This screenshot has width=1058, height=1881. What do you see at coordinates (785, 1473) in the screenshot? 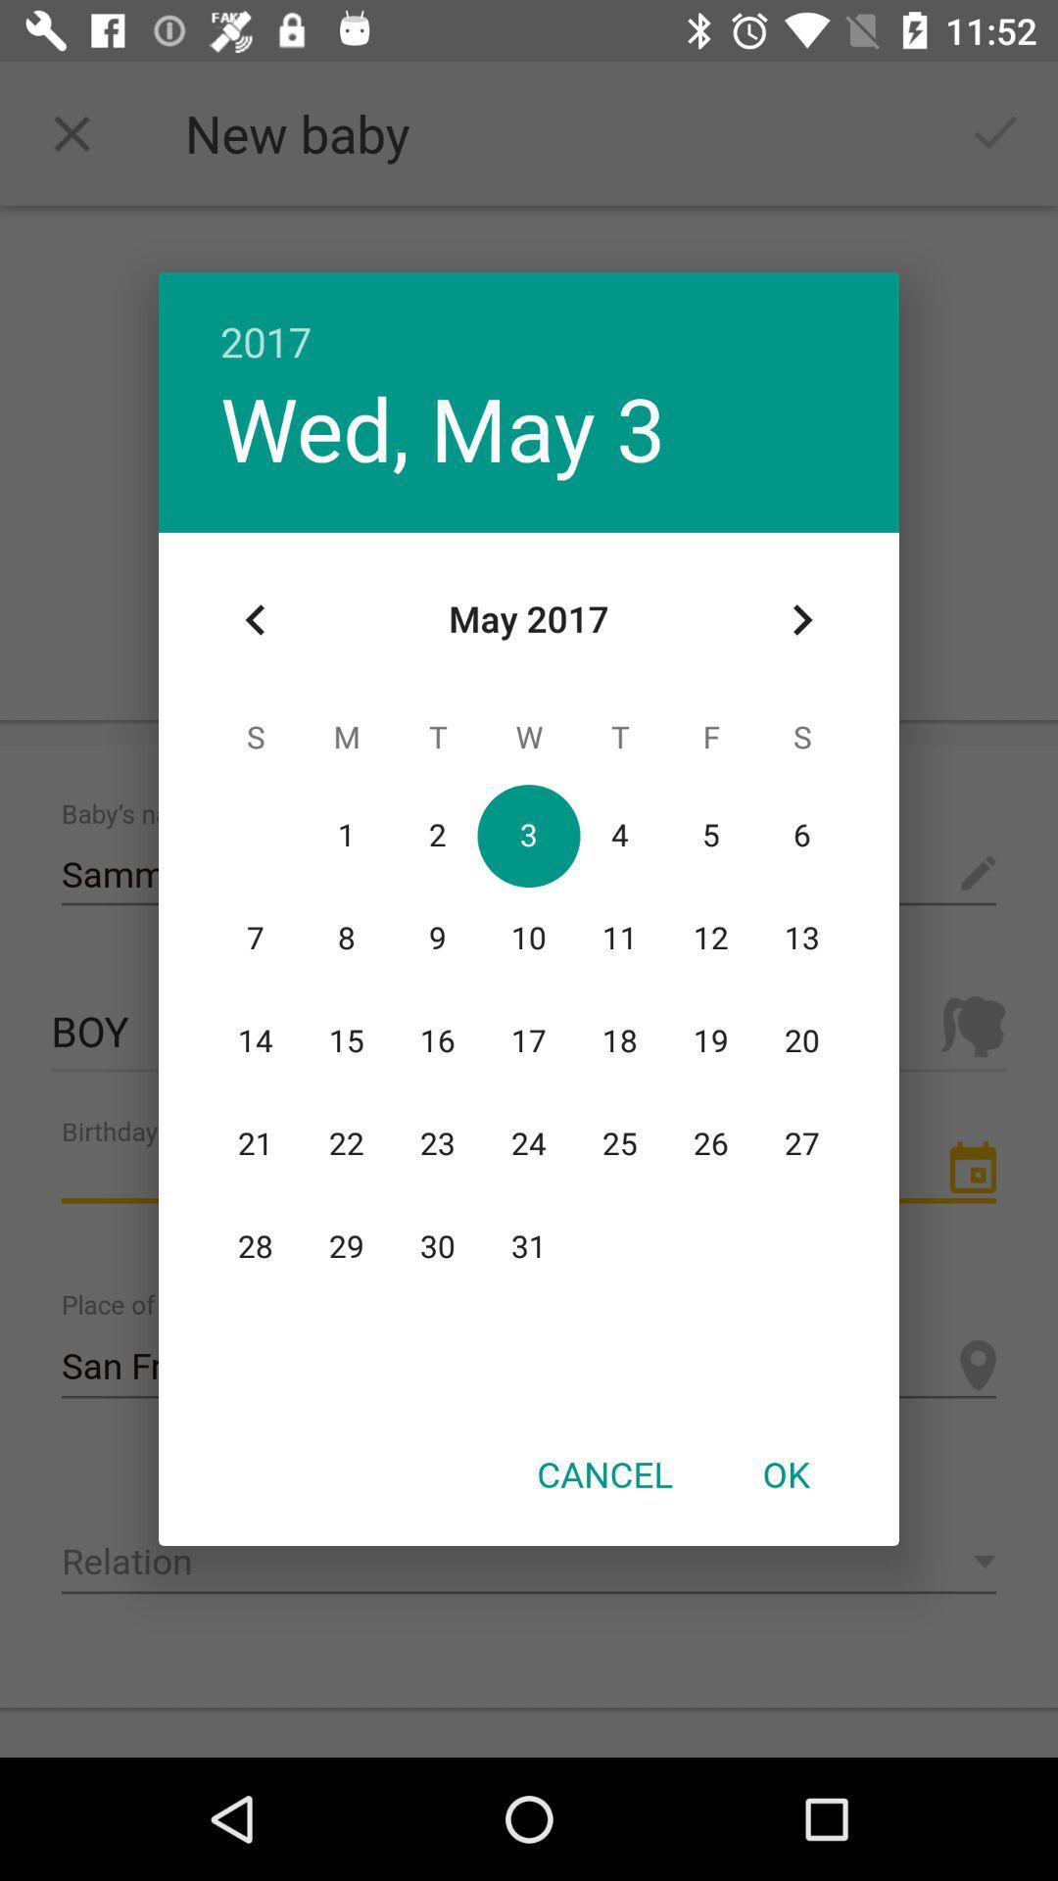
I see `item to the right of the cancel icon` at bounding box center [785, 1473].